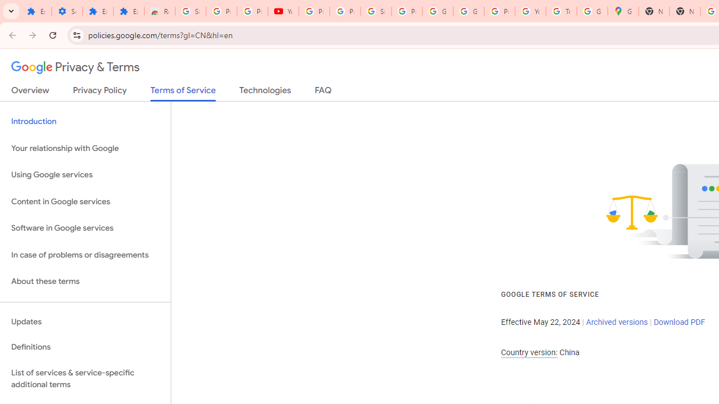 The width and height of the screenshot is (719, 404). What do you see at coordinates (85, 281) in the screenshot?
I see `'About these terms'` at bounding box center [85, 281].